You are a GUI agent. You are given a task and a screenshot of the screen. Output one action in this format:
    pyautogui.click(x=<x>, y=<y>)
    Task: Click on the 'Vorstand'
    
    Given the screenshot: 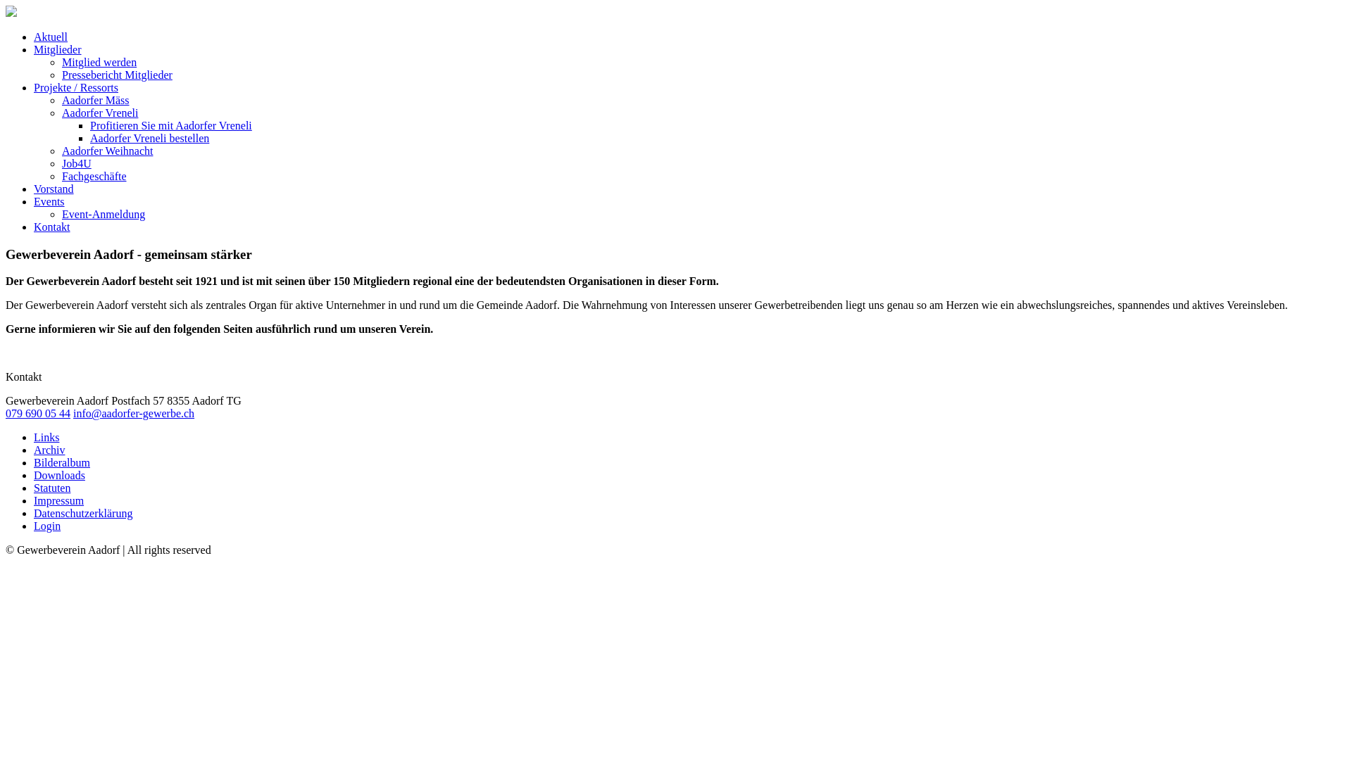 What is the action you would take?
    pyautogui.click(x=54, y=188)
    